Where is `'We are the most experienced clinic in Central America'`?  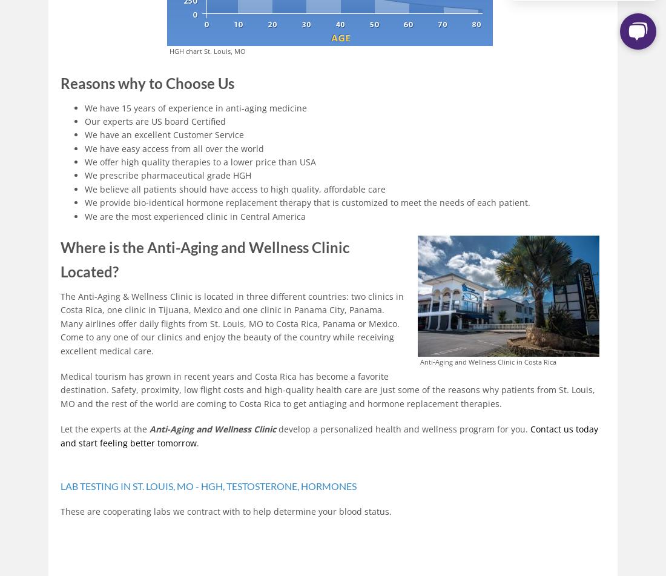
'We are the most experienced clinic in Central America' is located at coordinates (194, 216).